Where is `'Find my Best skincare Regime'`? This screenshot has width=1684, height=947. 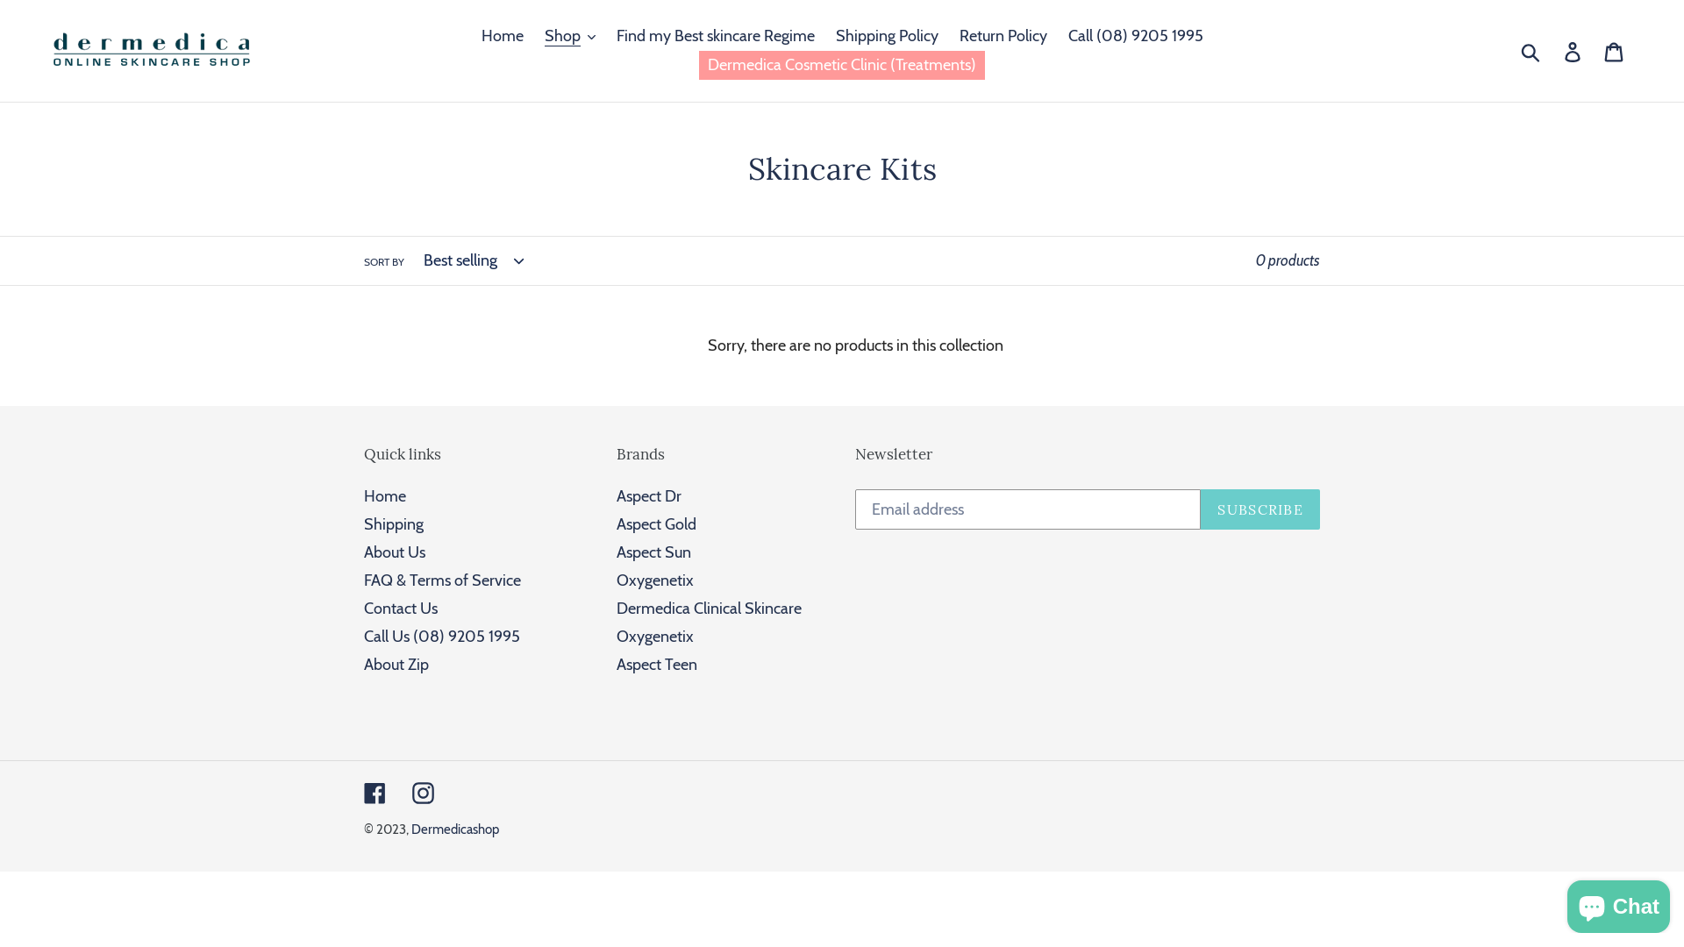 'Find my Best skincare Regime' is located at coordinates (715, 36).